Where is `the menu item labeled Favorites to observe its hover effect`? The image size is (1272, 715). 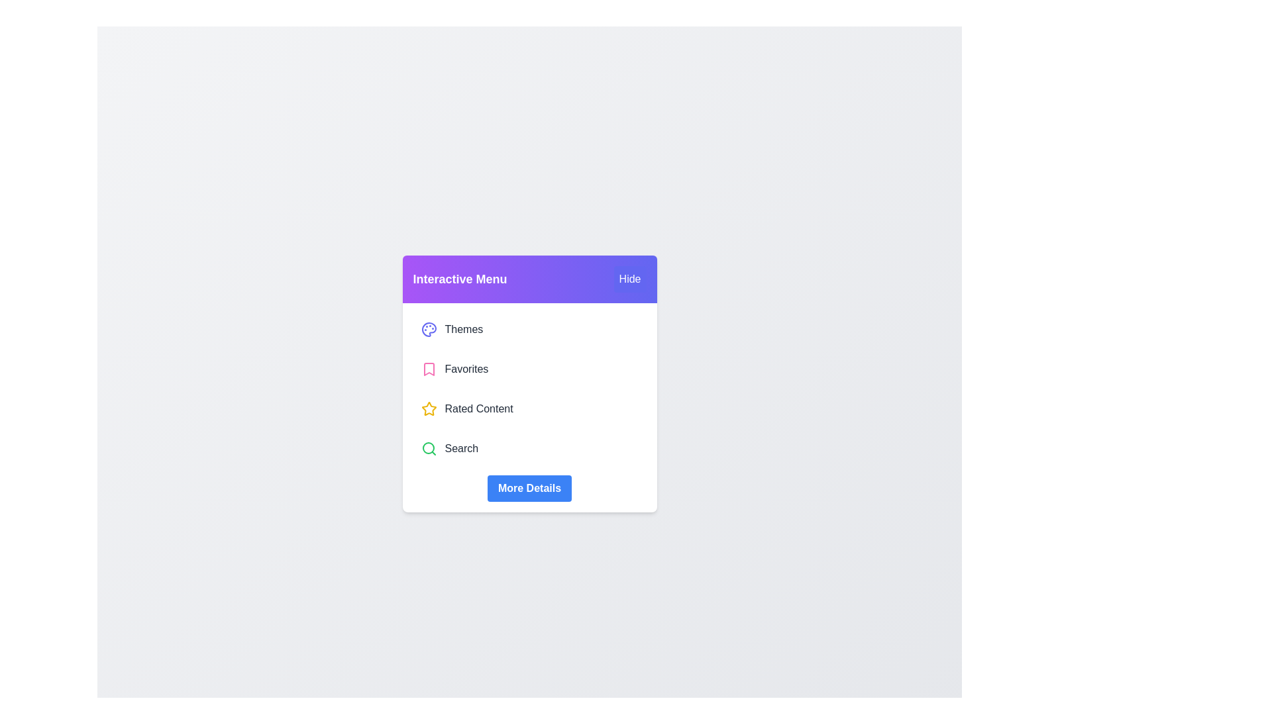
the menu item labeled Favorites to observe its hover effect is located at coordinates (529, 369).